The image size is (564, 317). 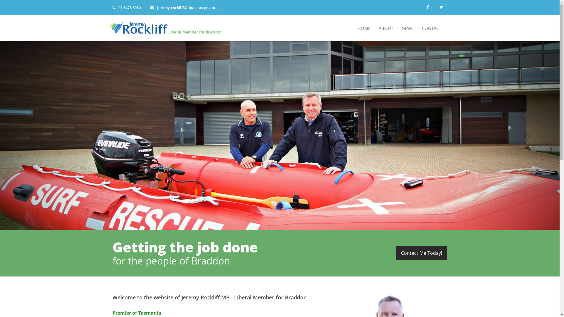 What do you see at coordinates (421, 253) in the screenshot?
I see `'Contact Me Today!'` at bounding box center [421, 253].